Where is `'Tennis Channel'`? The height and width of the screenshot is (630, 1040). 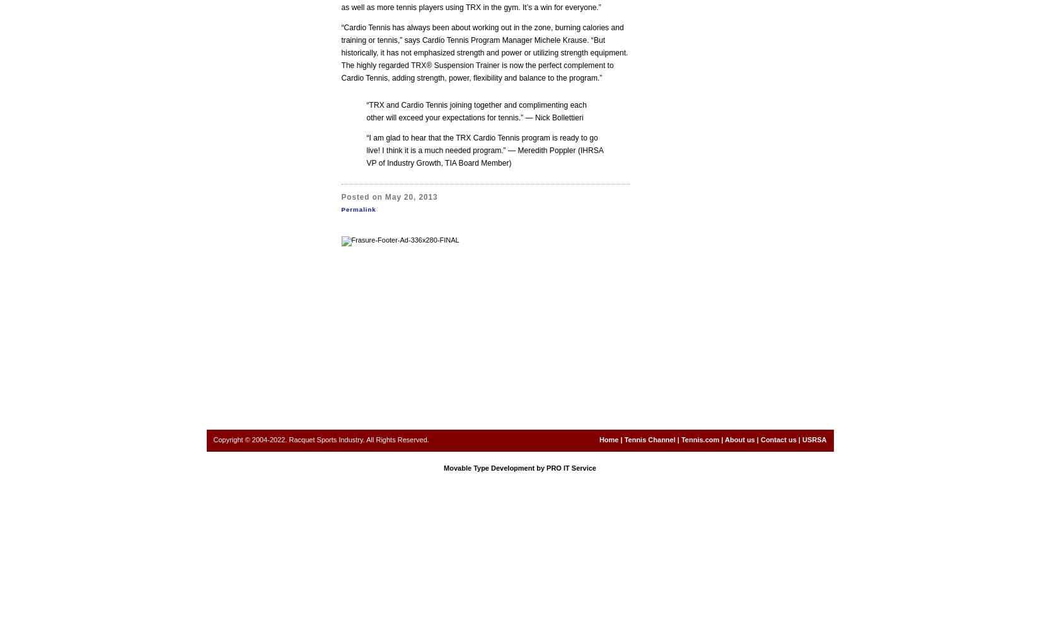 'Tennis Channel' is located at coordinates (649, 439).